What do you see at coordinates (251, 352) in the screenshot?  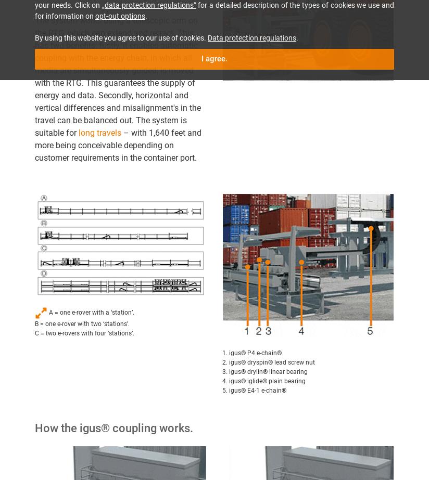 I see `'1. igus® P4 e-chain®'` at bounding box center [251, 352].